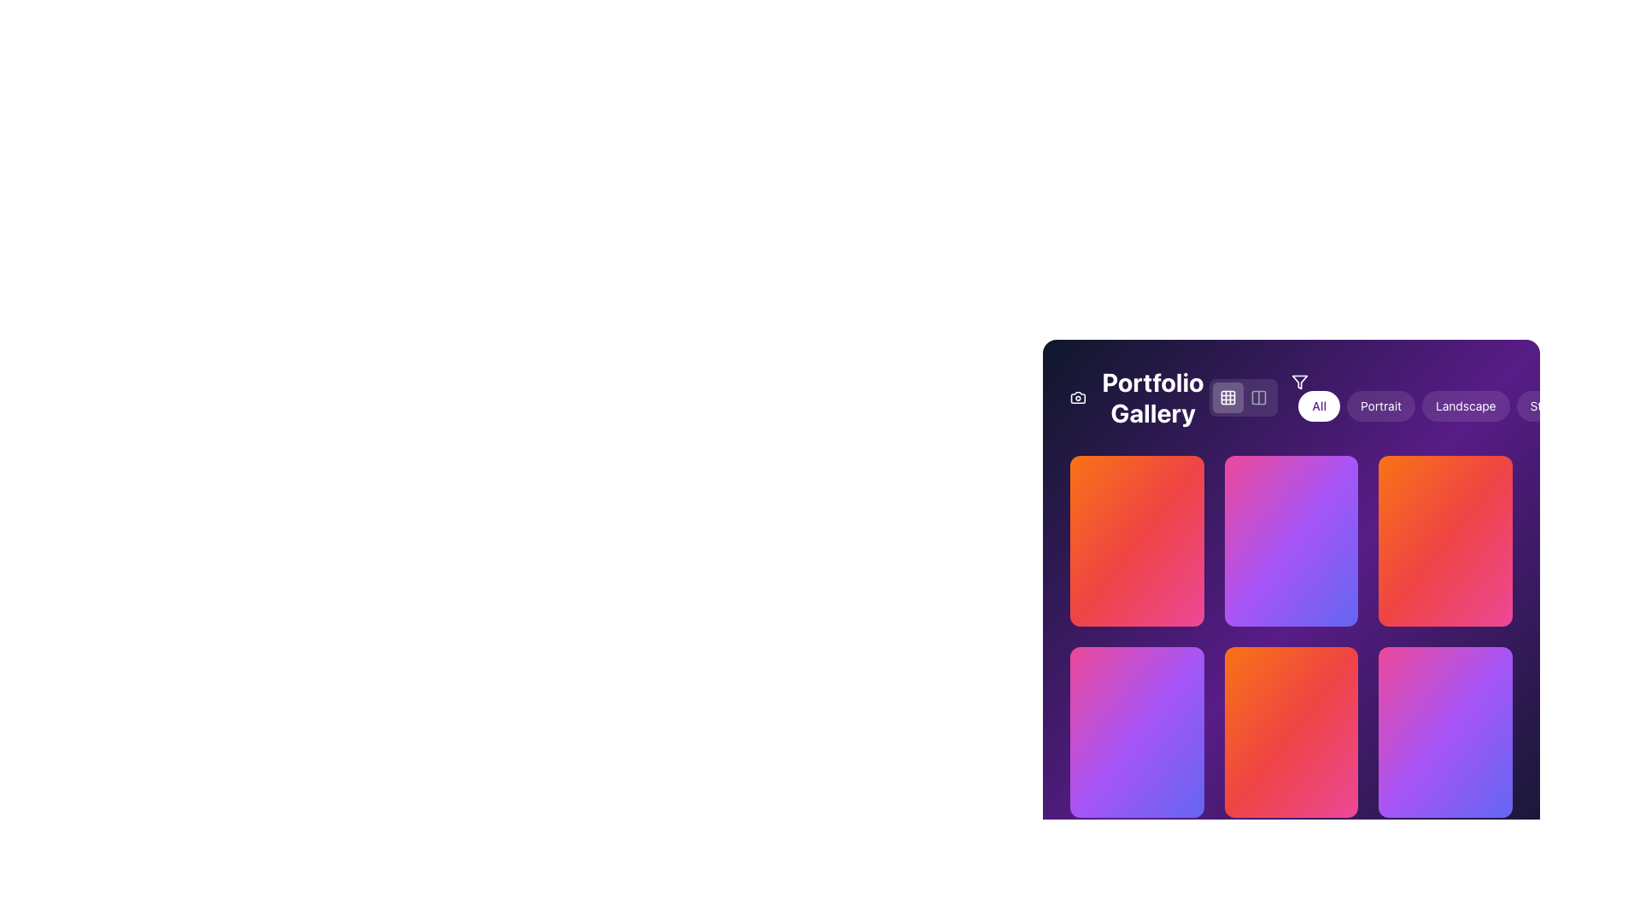  Describe the element at coordinates (1244, 398) in the screenshot. I see `the grid view toggle button located near the top-center of the interface, adjacent to 'Portfolio Gallery' and the button with two vertical bars` at that location.